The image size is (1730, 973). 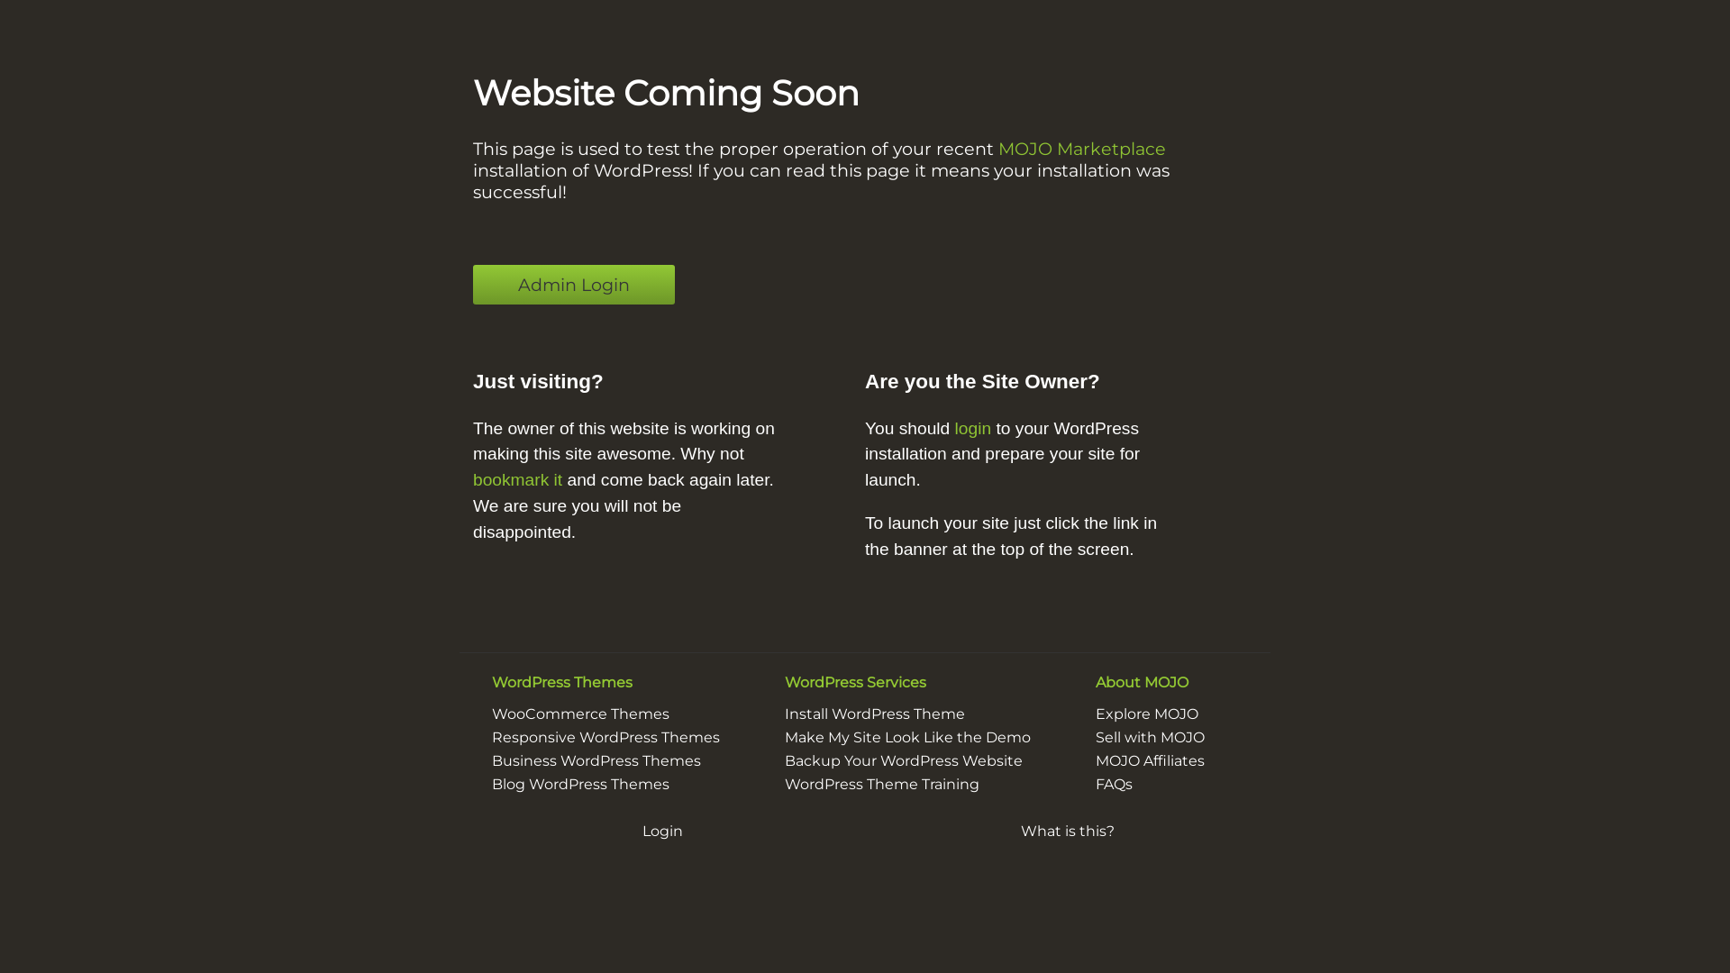 I want to click on 'Responsive WordPress Themes', so click(x=605, y=737).